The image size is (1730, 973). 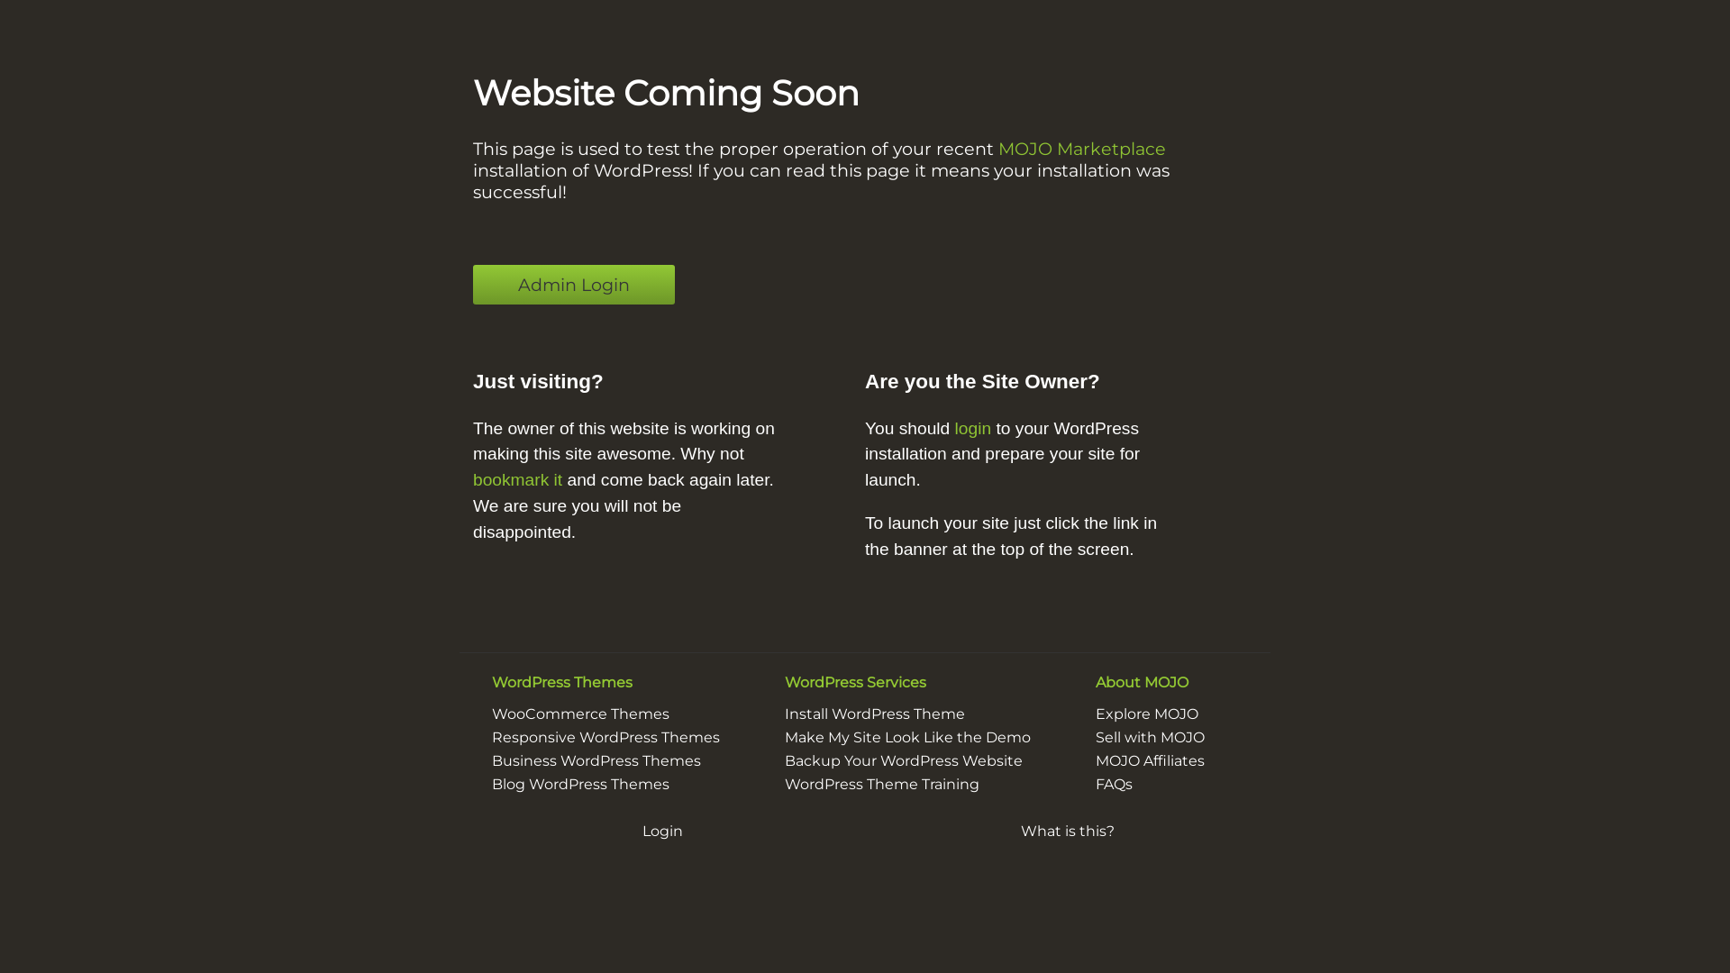 I want to click on 'Responsive WordPress Themes', so click(x=605, y=737).